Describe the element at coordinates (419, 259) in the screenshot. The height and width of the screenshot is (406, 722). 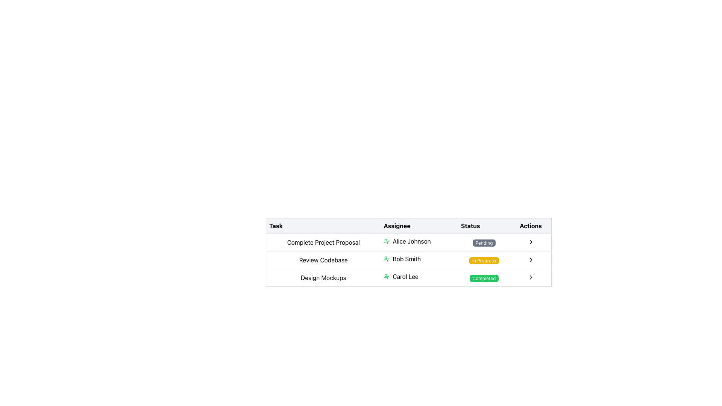
I see `the label with the text 'Bob Smith' and user icon in the Assignee column of the Review Codebase row` at that location.